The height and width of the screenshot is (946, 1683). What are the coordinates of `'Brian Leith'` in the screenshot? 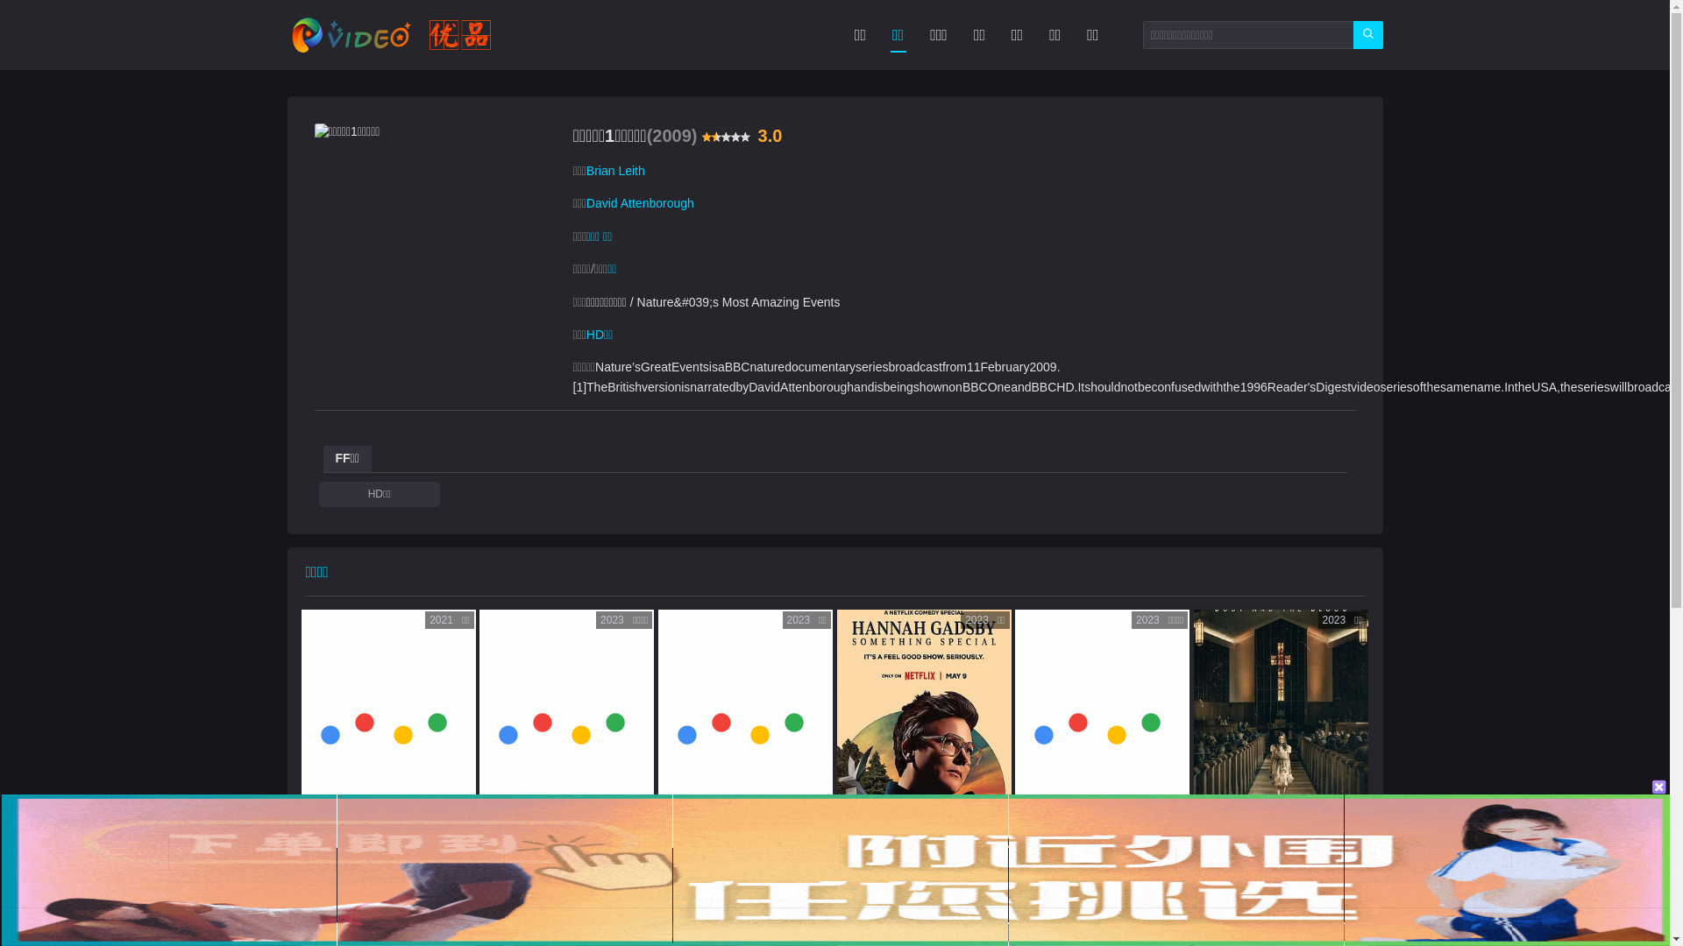 It's located at (615, 171).